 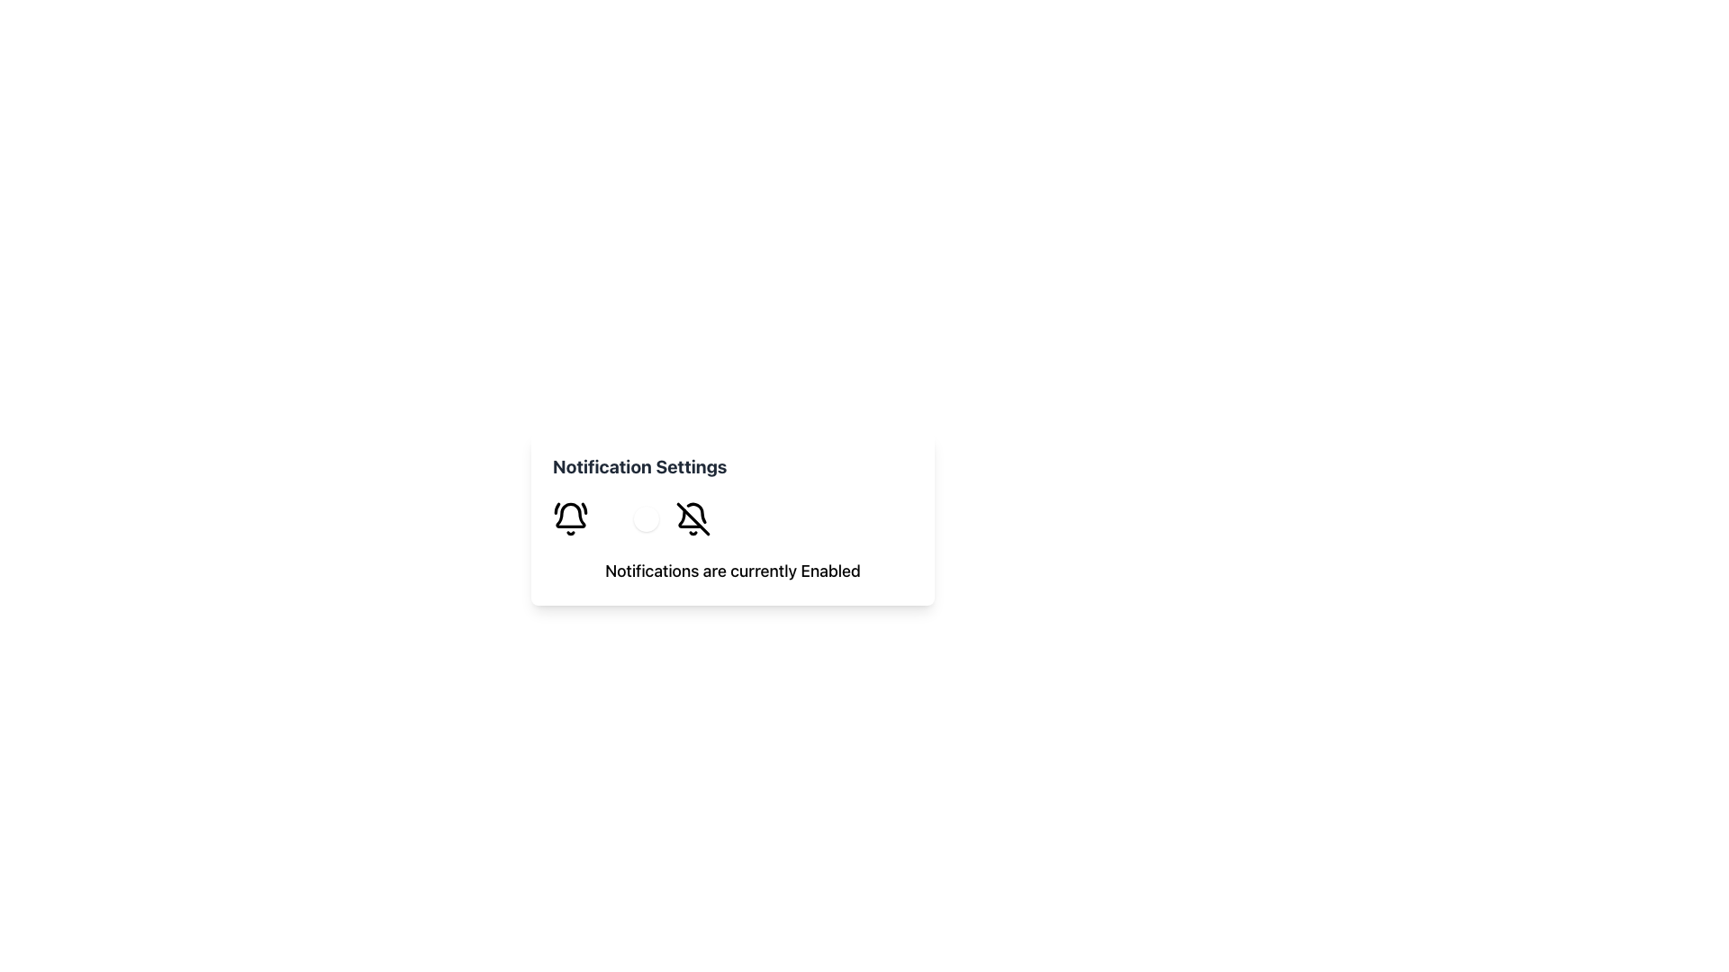 What do you see at coordinates (689, 518) in the screenshot?
I see `the appearance of the graphical icon resembling a stylized bell with a line crossing it, located in the notifications settings interface, positioned between an active bell icon and a notification status label` at bounding box center [689, 518].